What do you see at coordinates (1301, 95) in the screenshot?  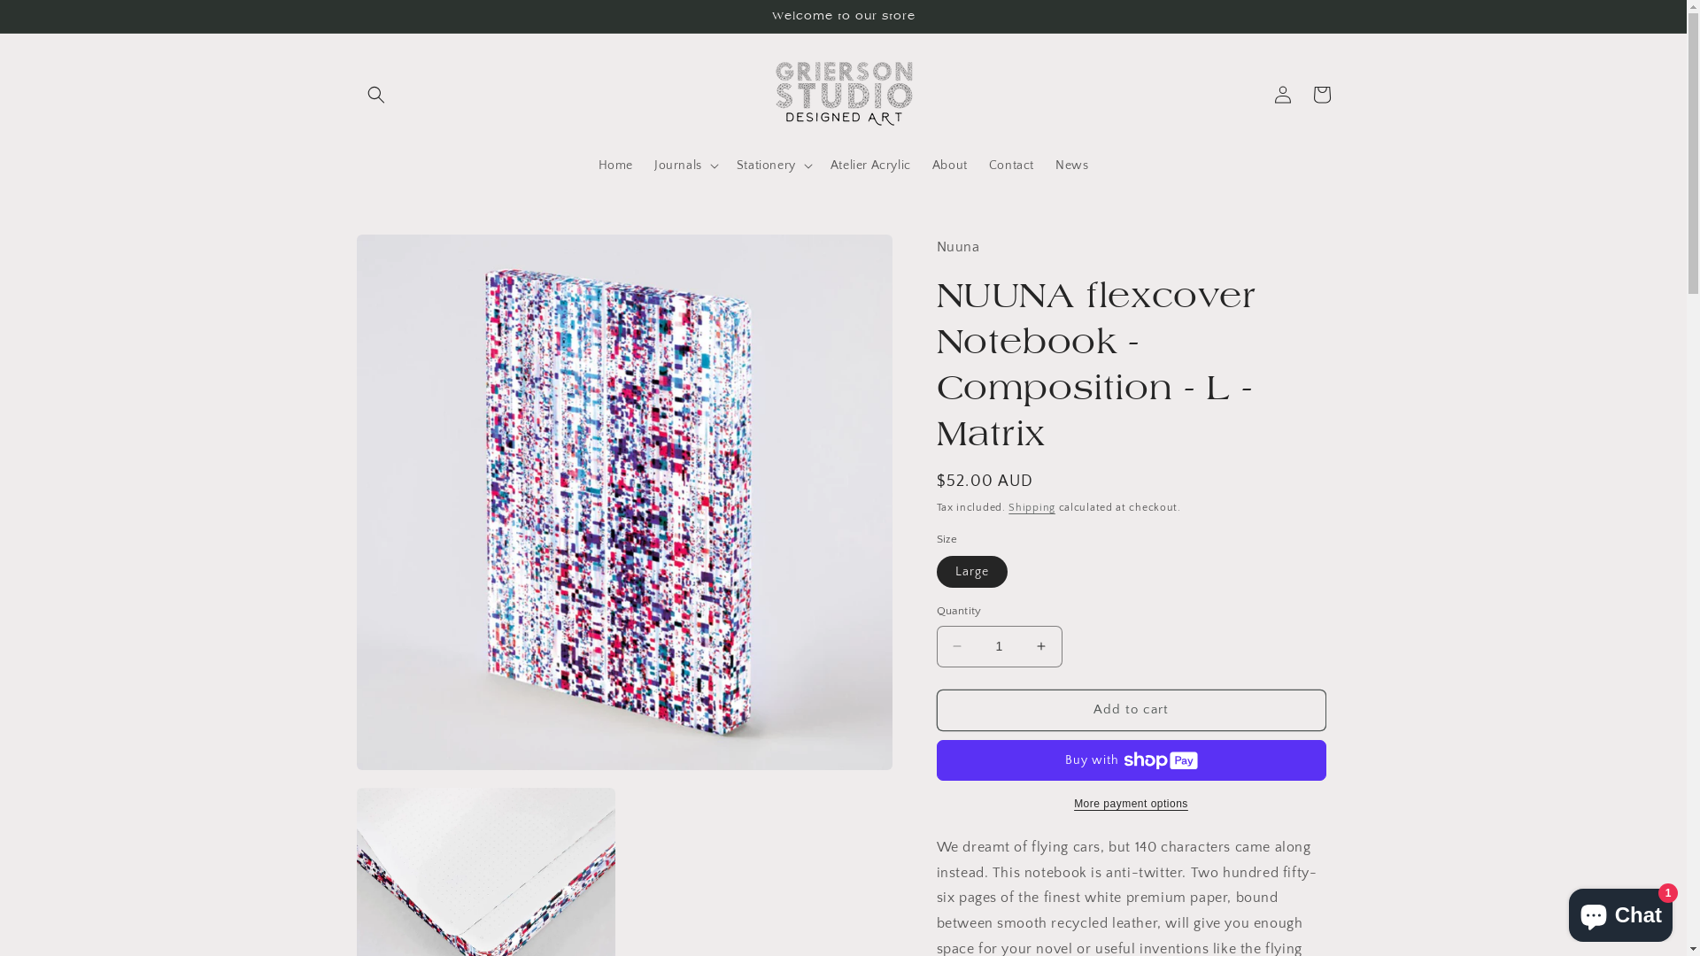 I see `'Cart'` at bounding box center [1301, 95].